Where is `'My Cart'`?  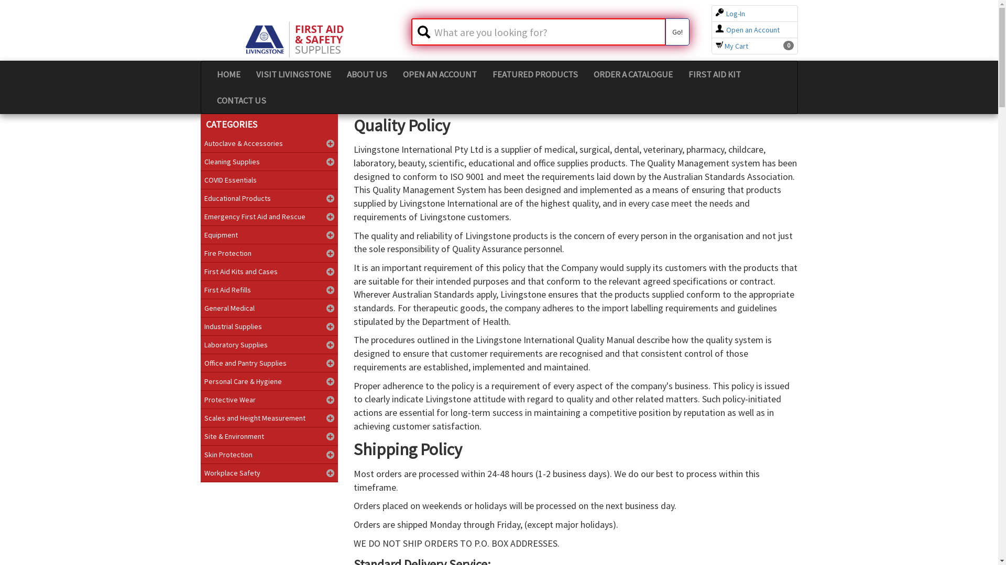
'My Cart' is located at coordinates (731, 46).